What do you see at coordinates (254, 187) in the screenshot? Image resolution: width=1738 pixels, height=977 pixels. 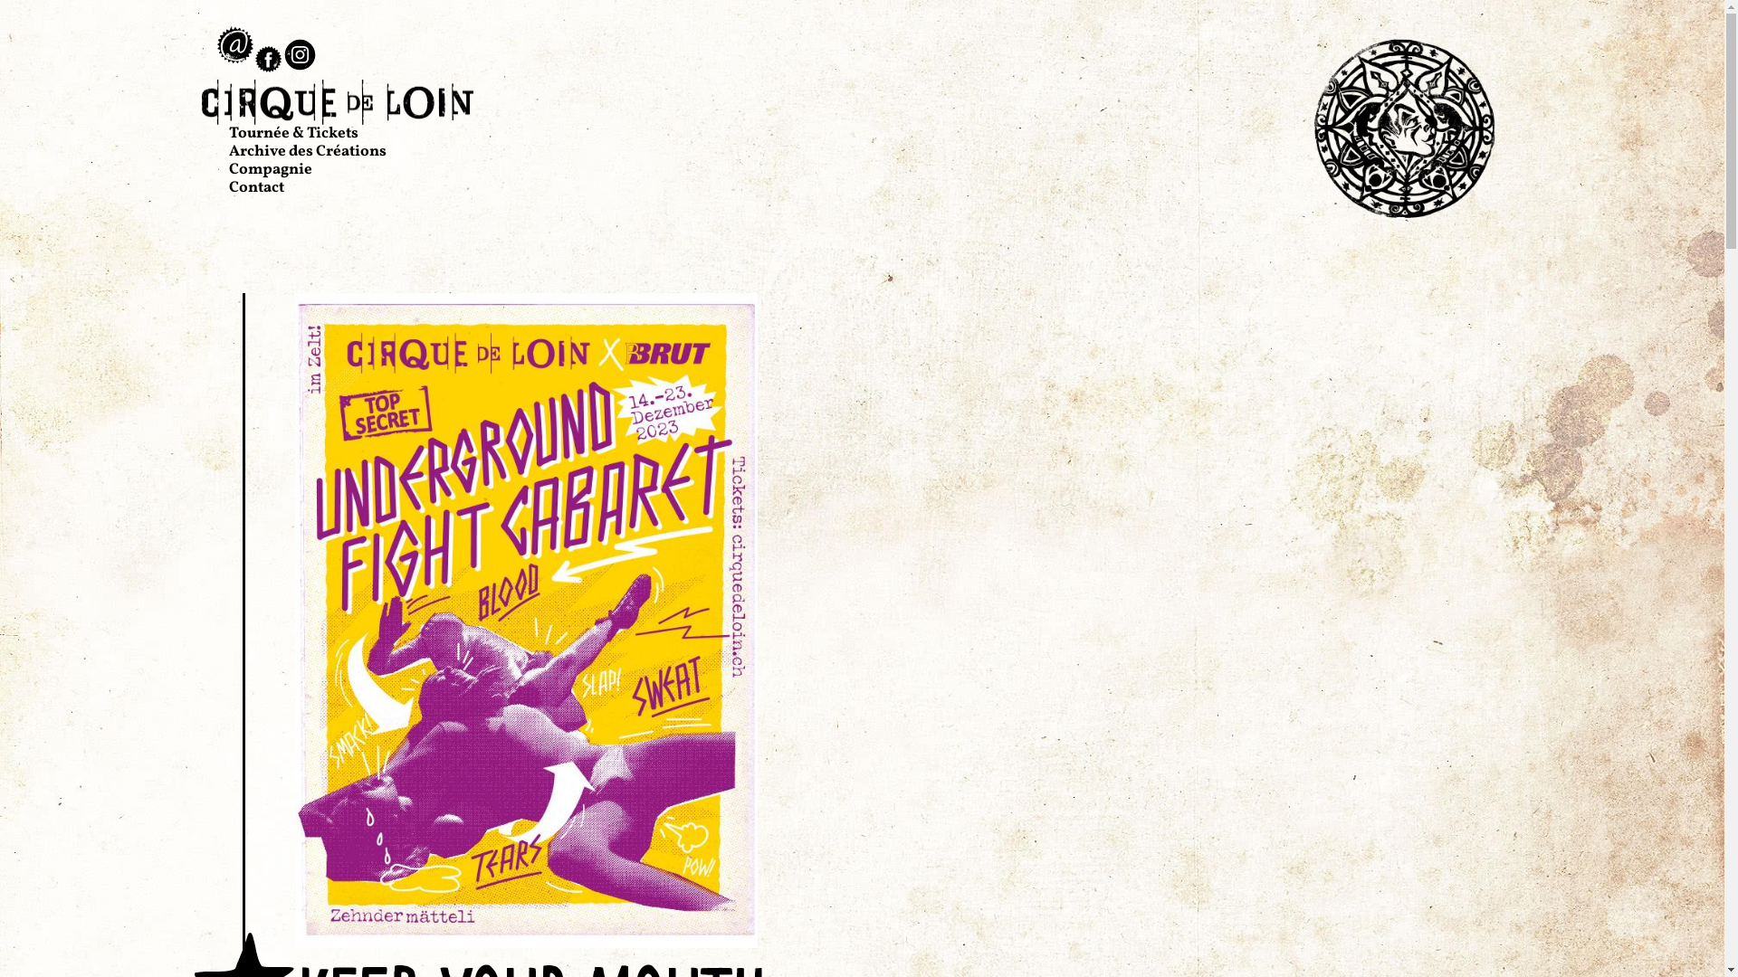 I see `'Contact'` at bounding box center [254, 187].